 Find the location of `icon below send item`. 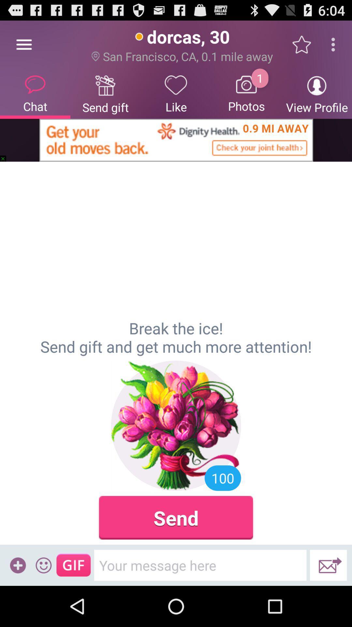

icon below send item is located at coordinates (200, 565).